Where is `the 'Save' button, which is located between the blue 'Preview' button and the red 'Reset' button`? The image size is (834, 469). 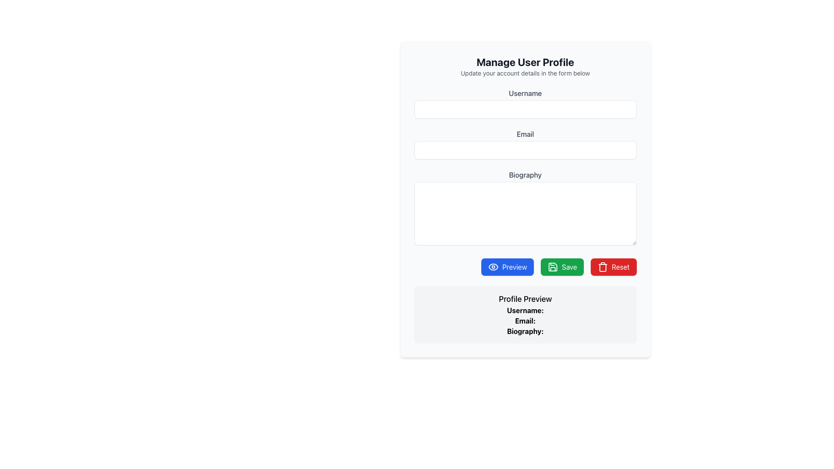 the 'Save' button, which is located between the blue 'Preview' button and the red 'Reset' button is located at coordinates (562, 266).